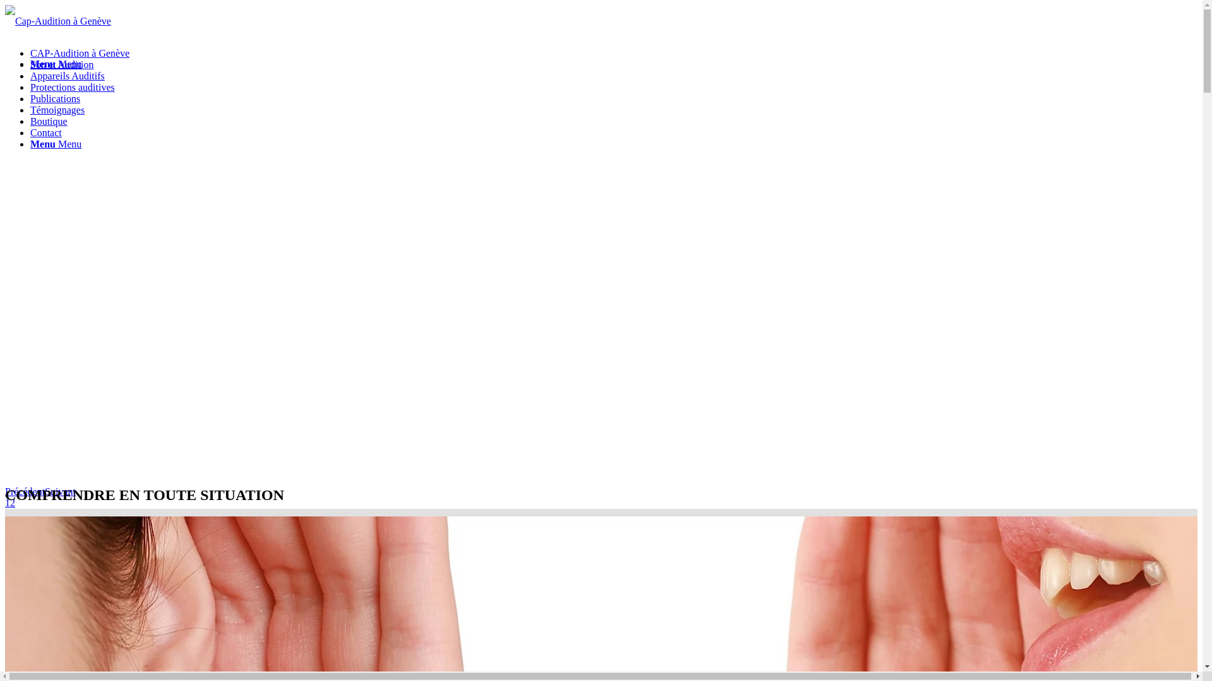 The height and width of the screenshot is (681, 1212). Describe the element at coordinates (59, 491) in the screenshot. I see `'Suivant'` at that location.